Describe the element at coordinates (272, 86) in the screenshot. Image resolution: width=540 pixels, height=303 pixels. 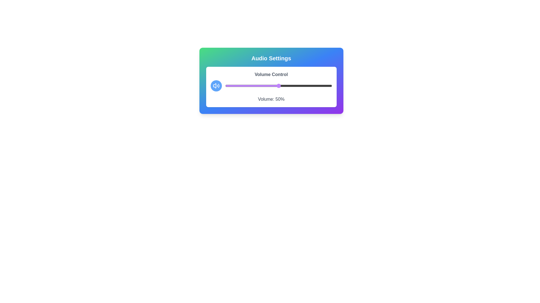
I see `volume slider` at that location.